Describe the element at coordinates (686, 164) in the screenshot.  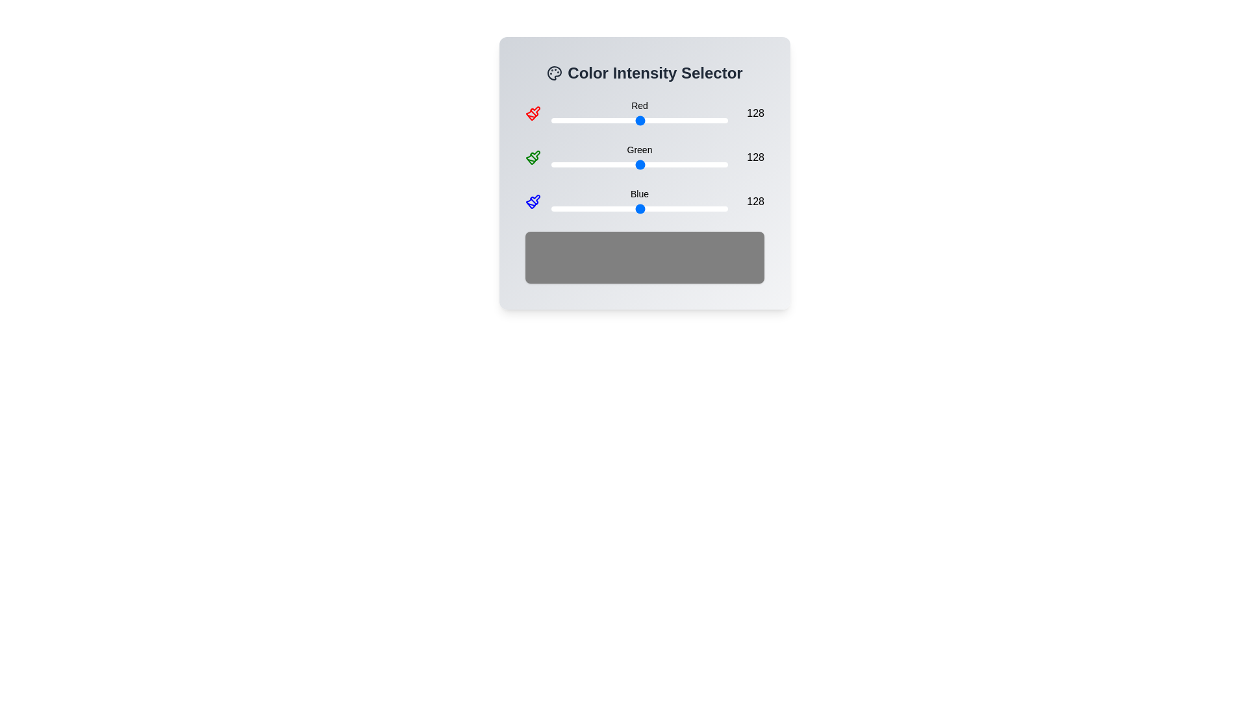
I see `the green intensity` at that location.